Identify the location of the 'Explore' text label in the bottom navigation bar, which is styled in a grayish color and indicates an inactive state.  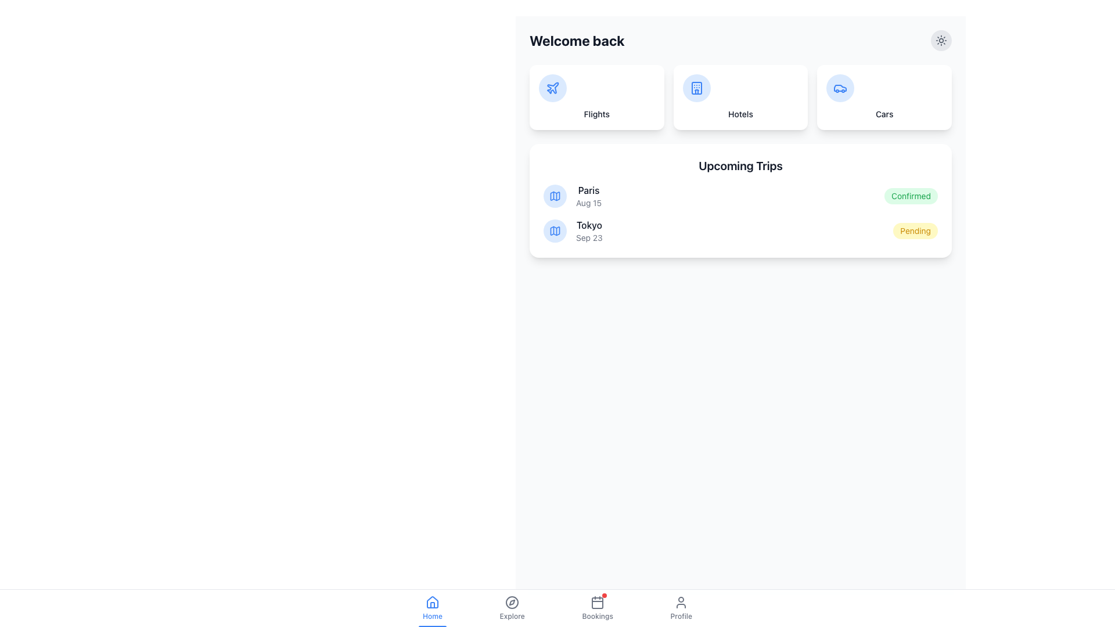
(512, 615).